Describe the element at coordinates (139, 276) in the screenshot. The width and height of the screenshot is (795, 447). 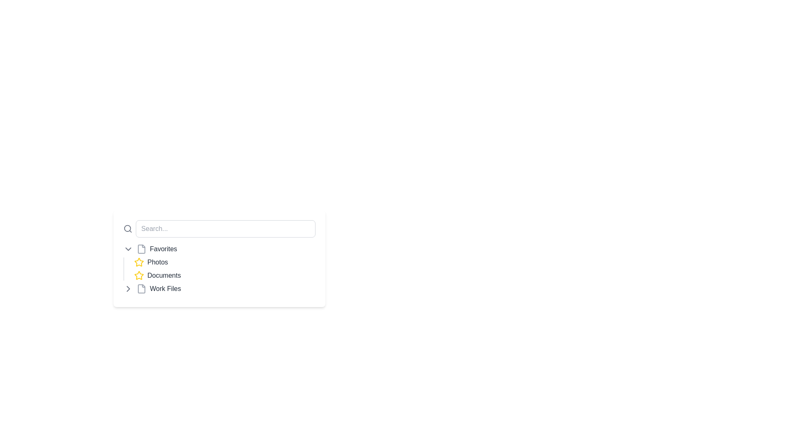
I see `the star icon in the 'Documents' section for keyboard interaction` at that location.